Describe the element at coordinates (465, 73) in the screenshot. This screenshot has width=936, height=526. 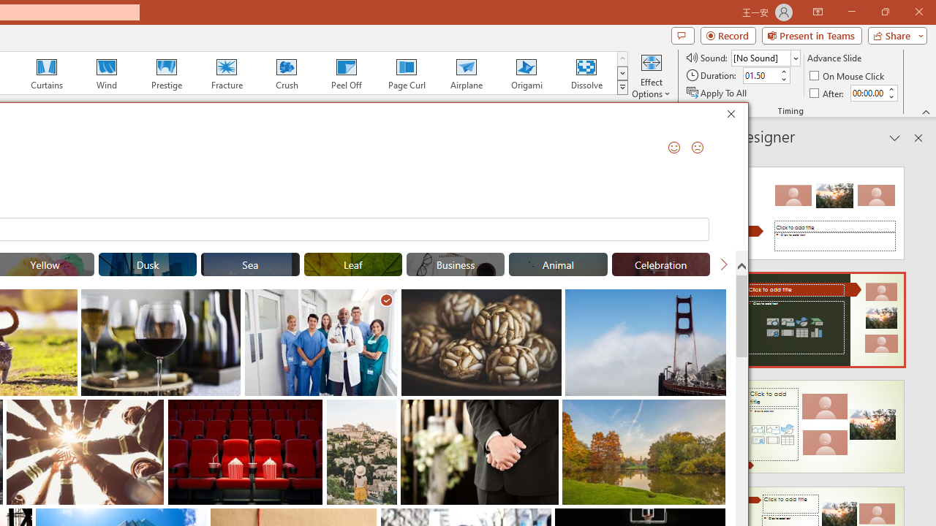
I see `'Airplane'` at that location.